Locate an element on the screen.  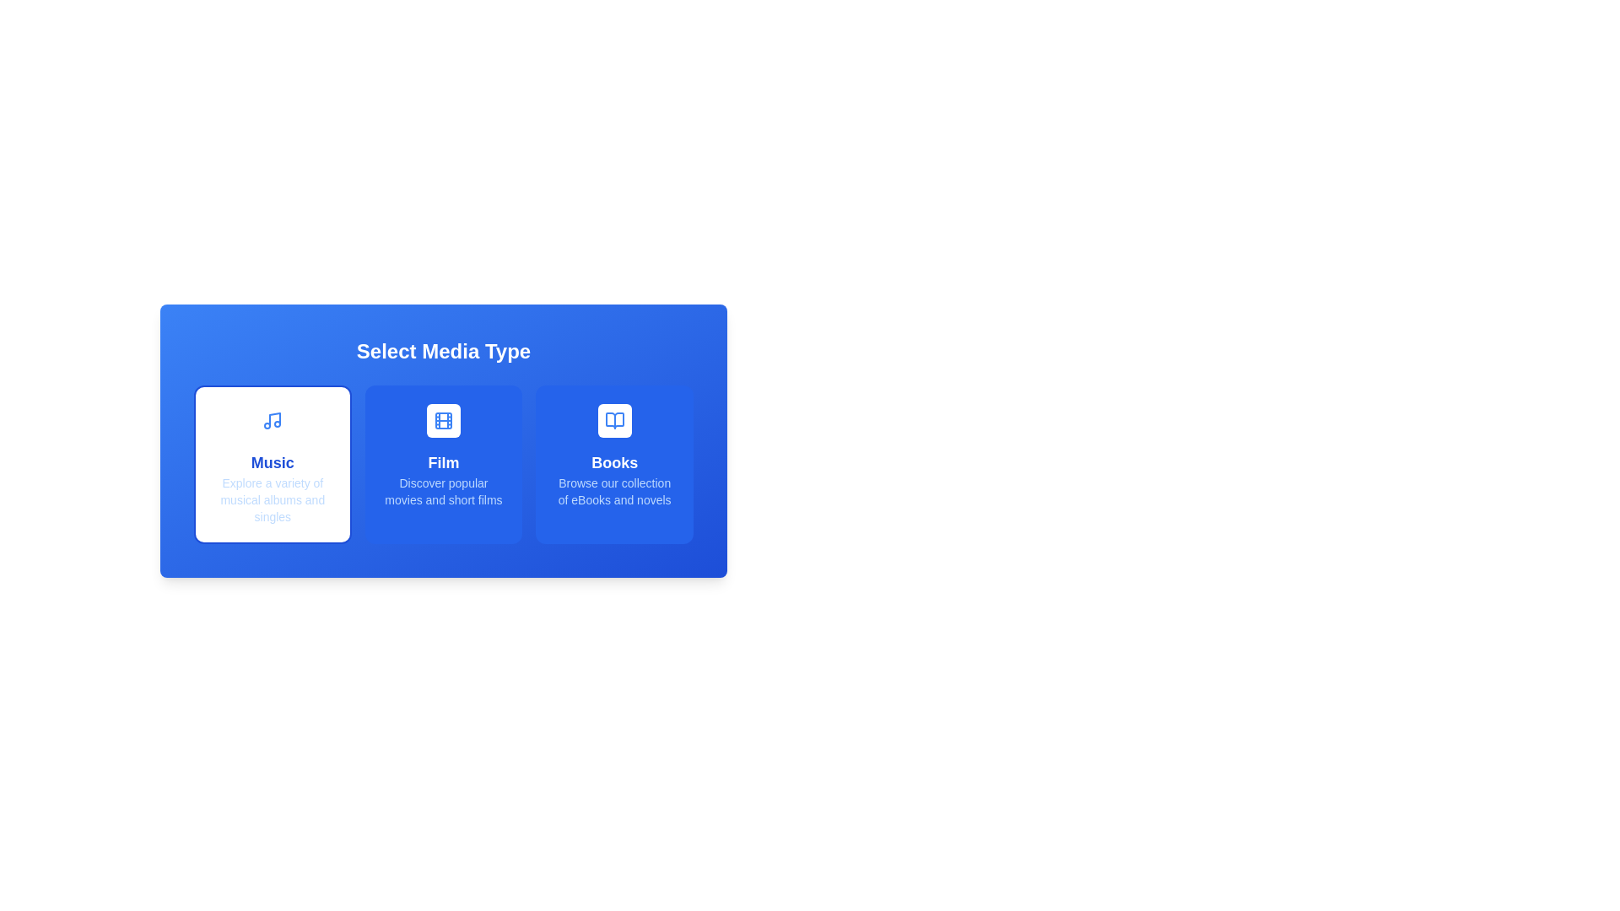
the 'Books' category icon located at the center of the rightmost section in a row of three options is located at coordinates (613, 419).